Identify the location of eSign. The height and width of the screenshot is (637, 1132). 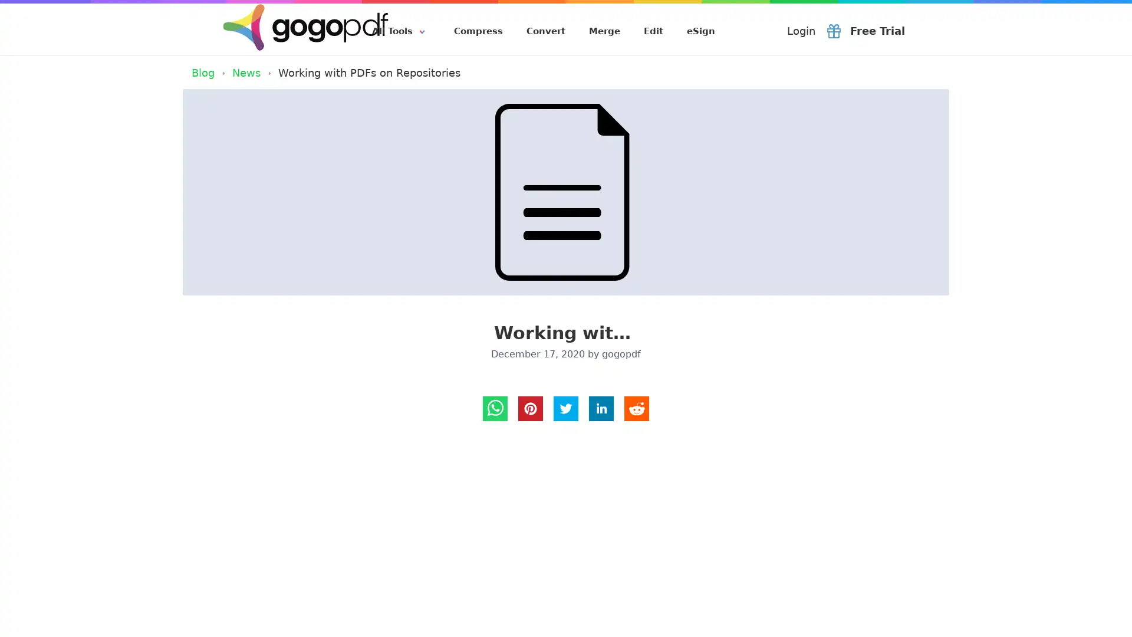
(701, 30).